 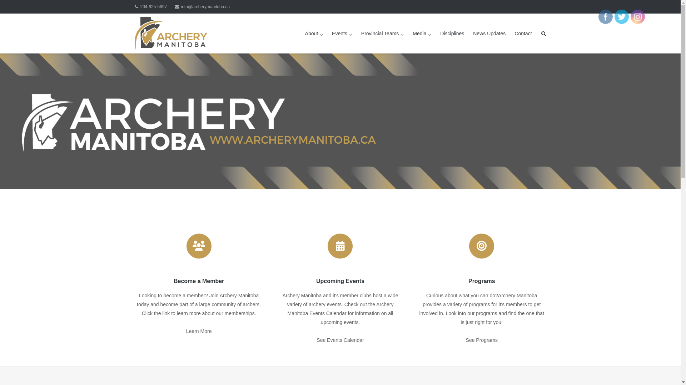 What do you see at coordinates (482, 339) in the screenshot?
I see `'See Programs'` at bounding box center [482, 339].